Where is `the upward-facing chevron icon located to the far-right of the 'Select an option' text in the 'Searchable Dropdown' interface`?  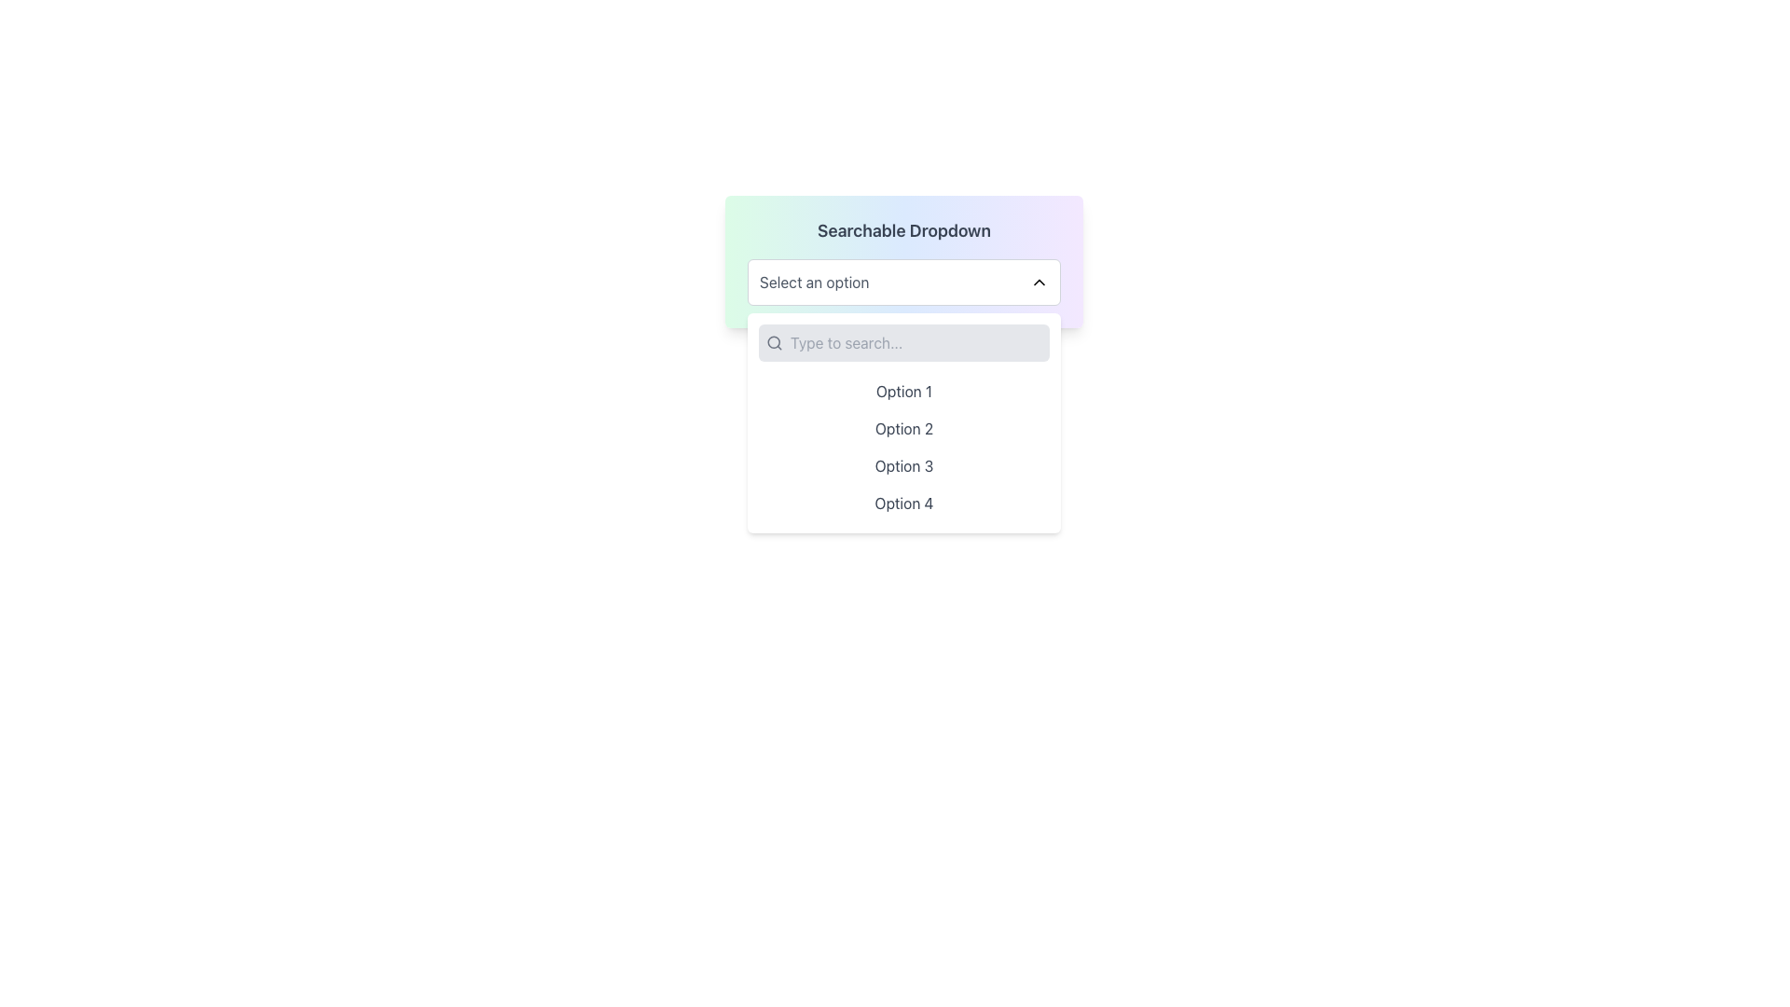
the upward-facing chevron icon located to the far-right of the 'Select an option' text in the 'Searchable Dropdown' interface is located at coordinates (1038, 283).